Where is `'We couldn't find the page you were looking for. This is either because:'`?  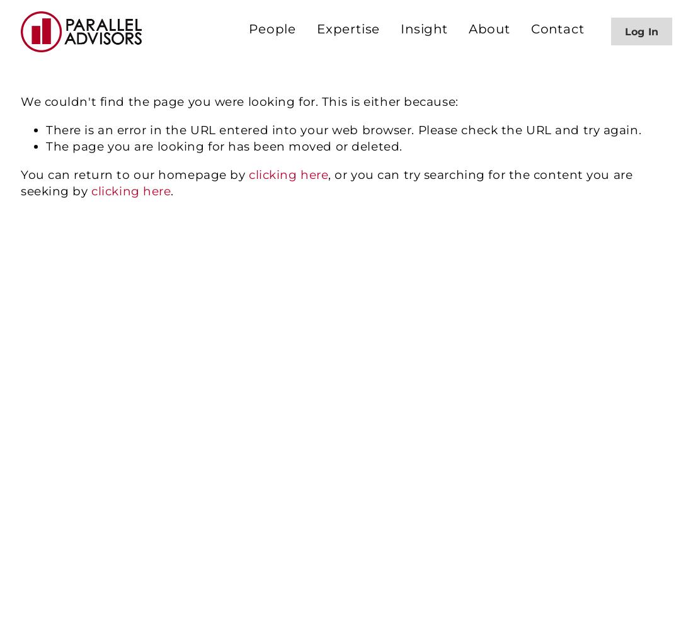 'We couldn't find the page you were looking for. This is either because:' is located at coordinates (239, 101).